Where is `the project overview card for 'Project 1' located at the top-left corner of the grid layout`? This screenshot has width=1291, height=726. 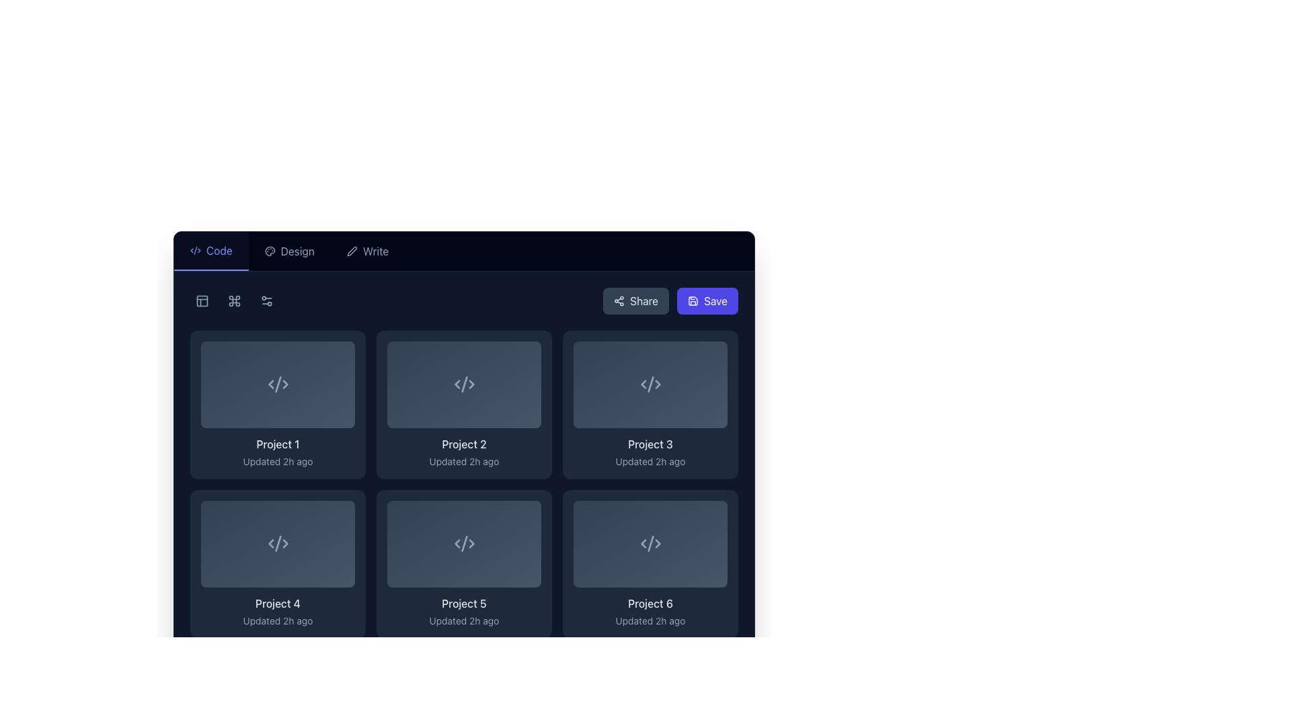 the project overview card for 'Project 1' located at the top-left corner of the grid layout is located at coordinates (277, 404).